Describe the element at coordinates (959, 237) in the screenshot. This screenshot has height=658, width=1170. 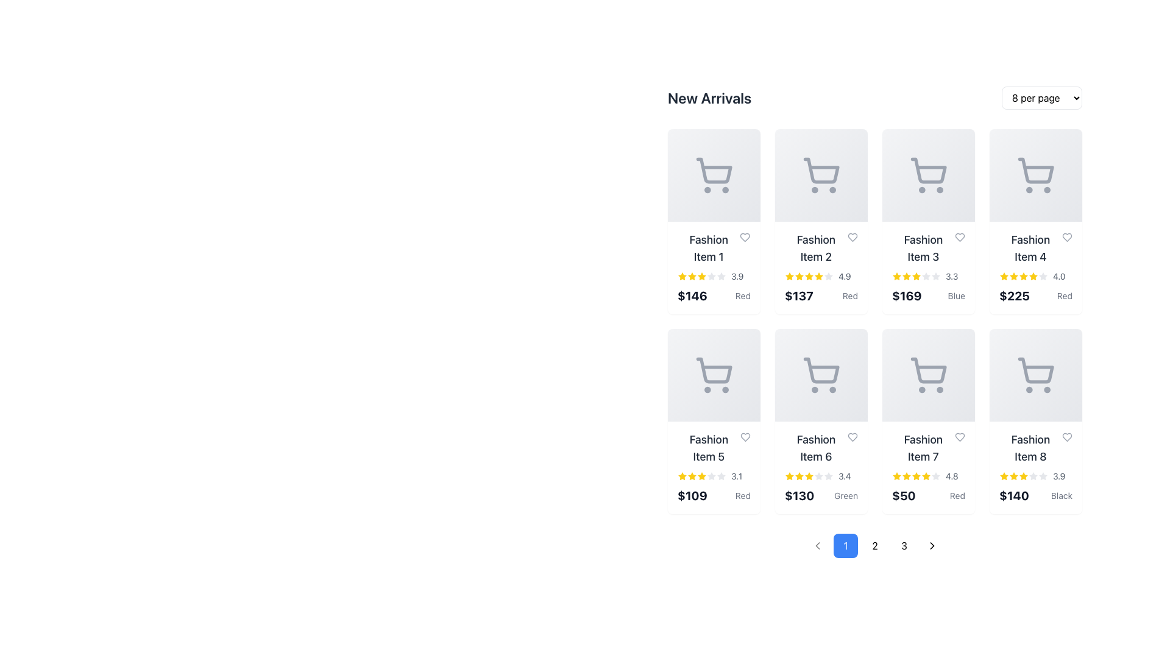
I see `the heart-shaped icon button located in the top-right corner of the 'Fashion Item 3' product card` at that location.